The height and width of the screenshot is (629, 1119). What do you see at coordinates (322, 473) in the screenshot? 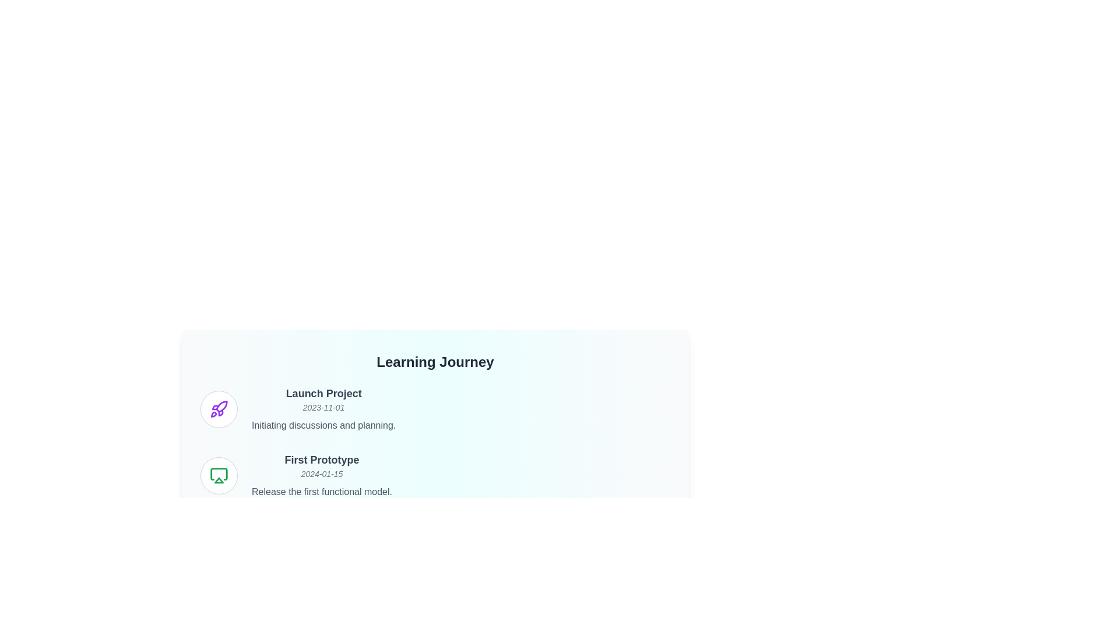
I see `the text label displaying a date in the format 'YYYY-MM-DD', which is styled with italicized, small, and gray text, located below 'First Prototype' and above 'Release the first functional model.'` at bounding box center [322, 473].